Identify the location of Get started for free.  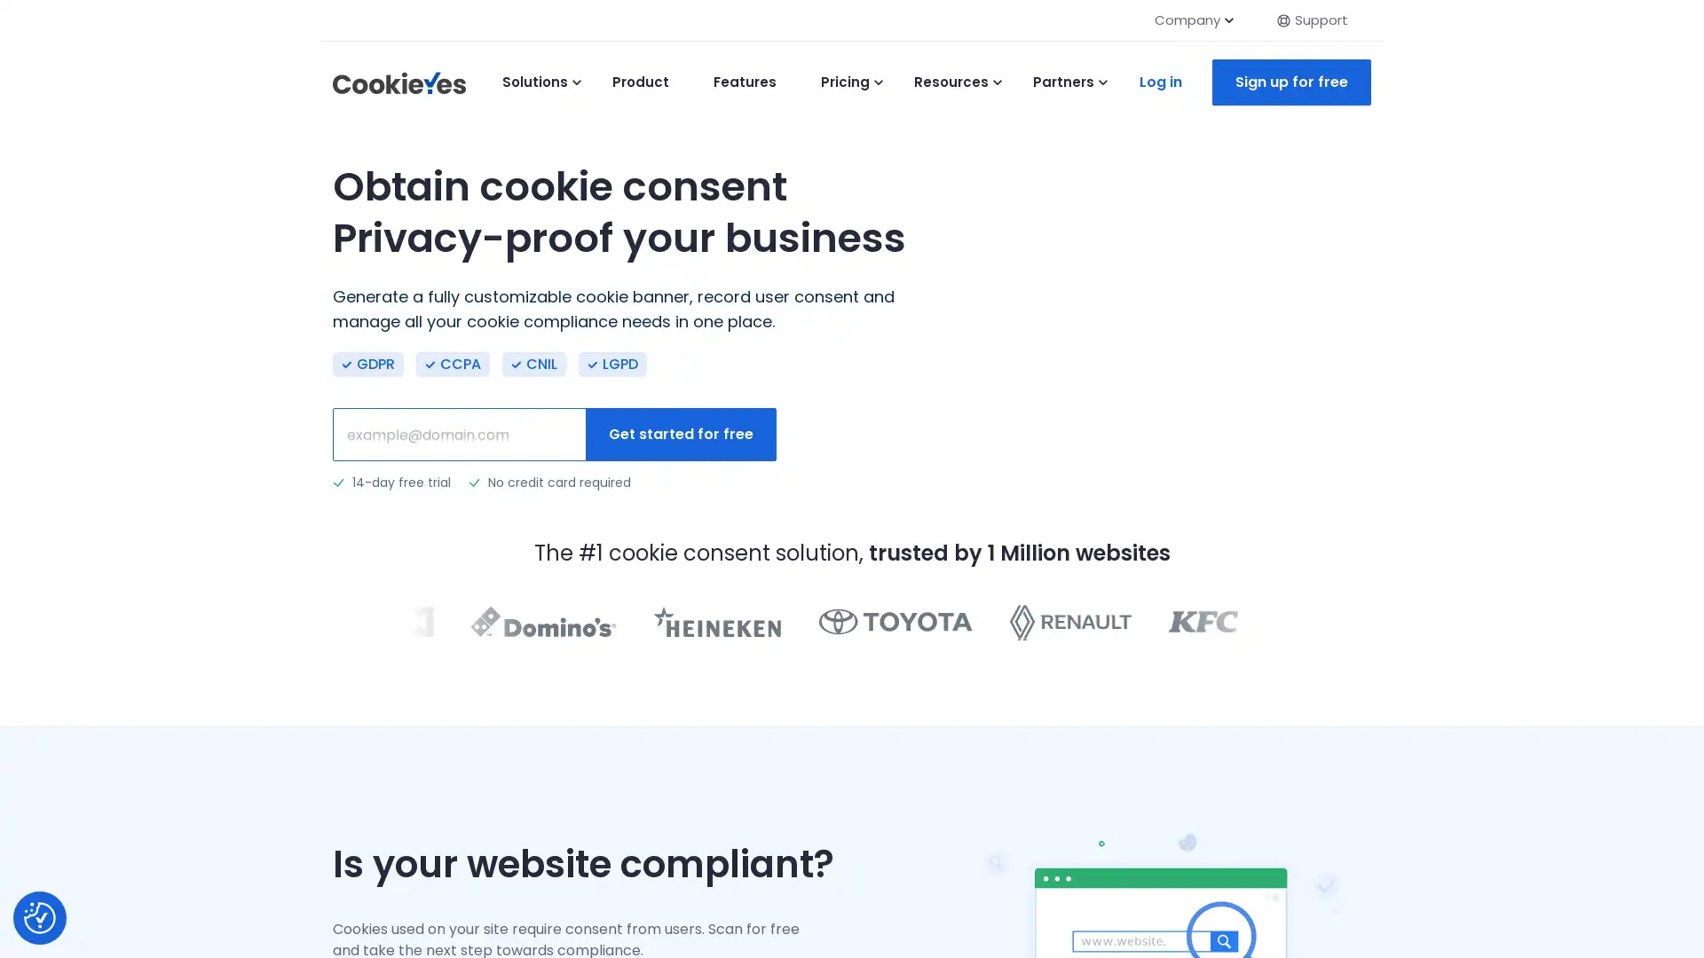
(680, 434).